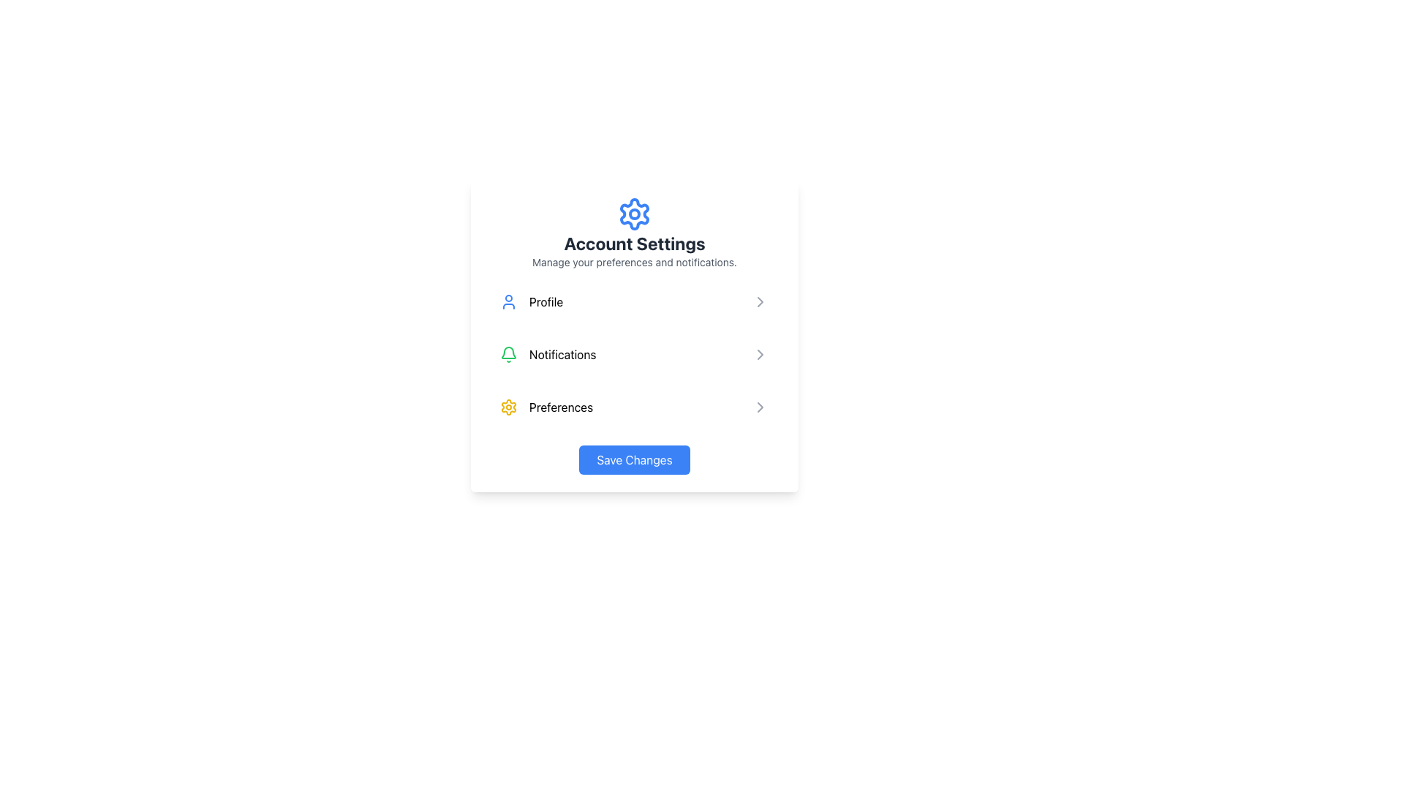  Describe the element at coordinates (509, 355) in the screenshot. I see `the green bell icon located to the left of the 'Notifications' label` at that location.